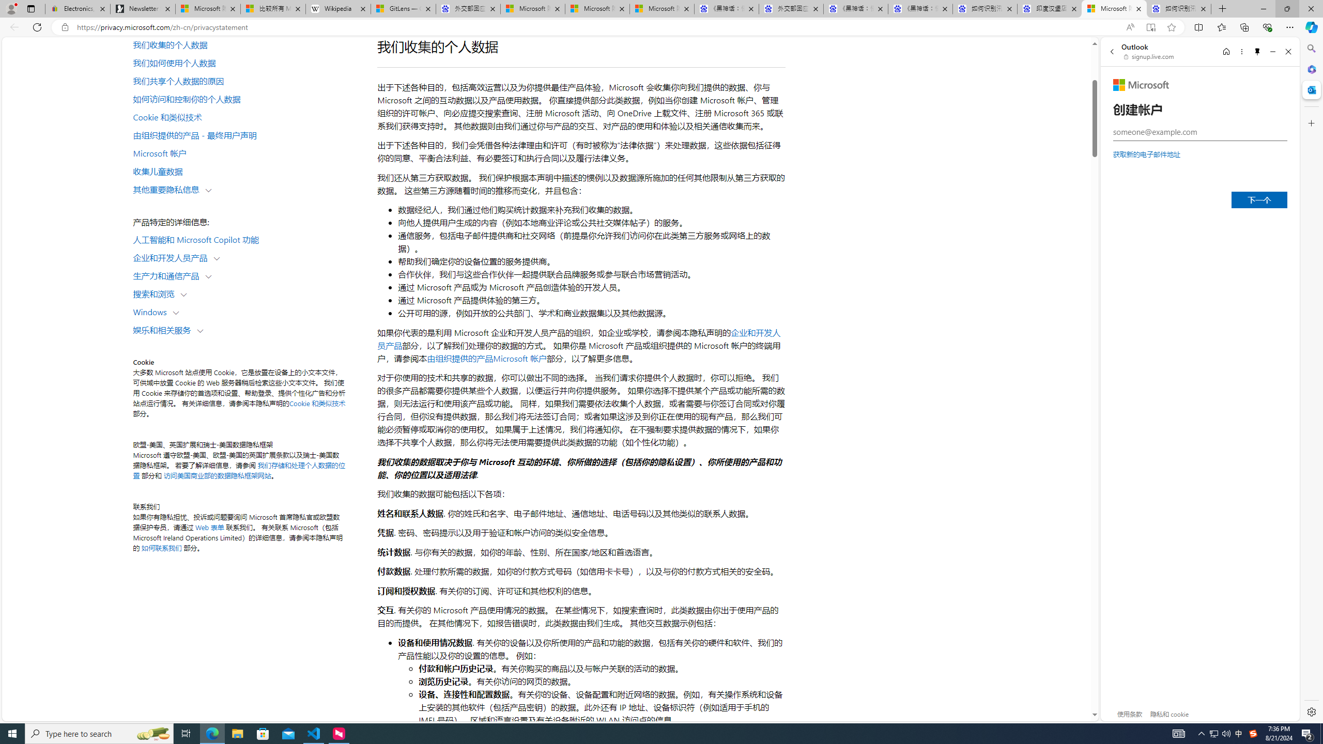 The width and height of the screenshot is (1323, 744). I want to click on 'Side bar', so click(1311, 380).